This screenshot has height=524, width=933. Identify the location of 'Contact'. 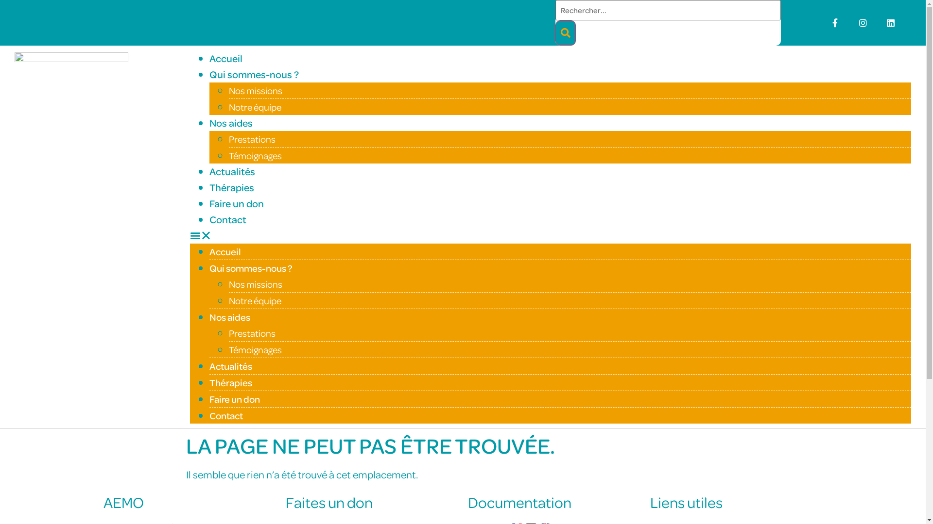
(209, 219).